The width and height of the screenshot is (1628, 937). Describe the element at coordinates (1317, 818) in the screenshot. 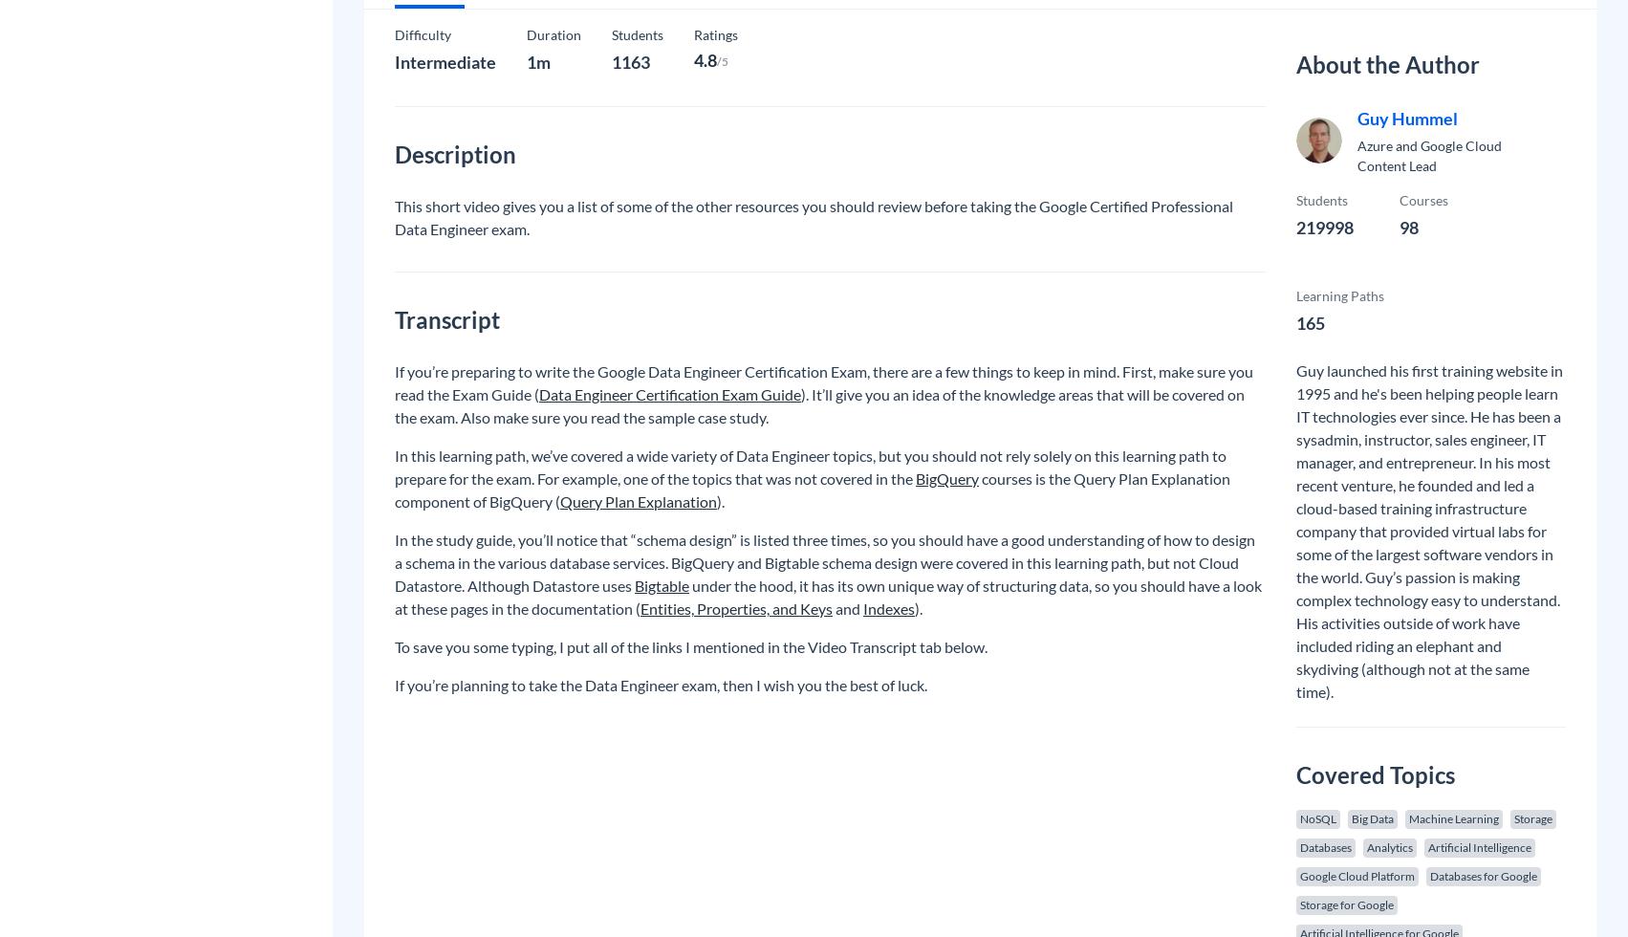

I see `'NoSQL'` at that location.